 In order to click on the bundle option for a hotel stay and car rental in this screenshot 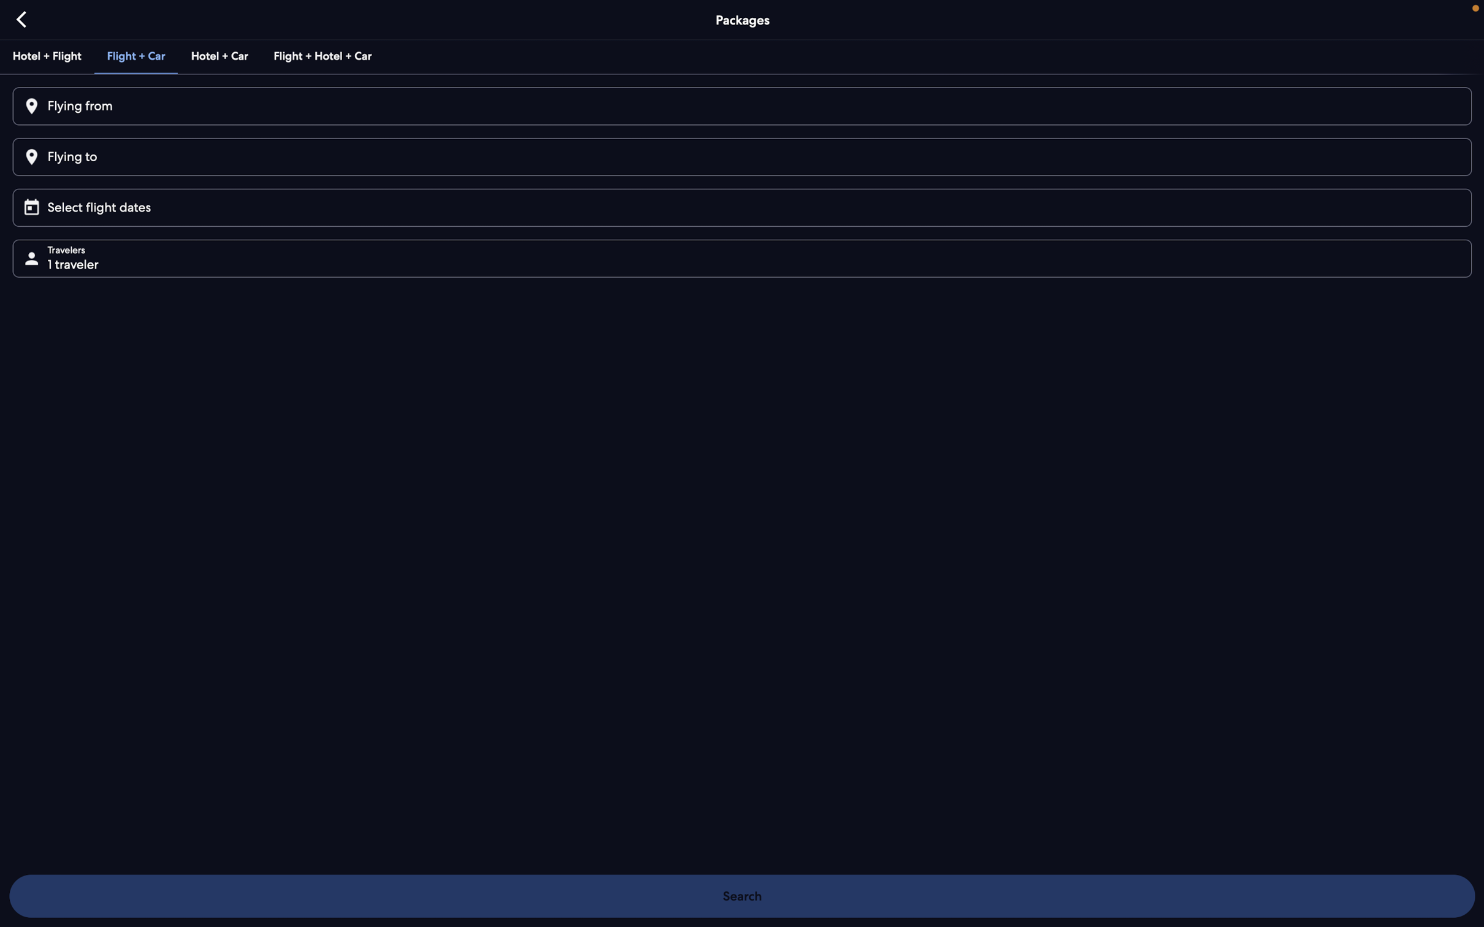, I will do `click(220, 54)`.